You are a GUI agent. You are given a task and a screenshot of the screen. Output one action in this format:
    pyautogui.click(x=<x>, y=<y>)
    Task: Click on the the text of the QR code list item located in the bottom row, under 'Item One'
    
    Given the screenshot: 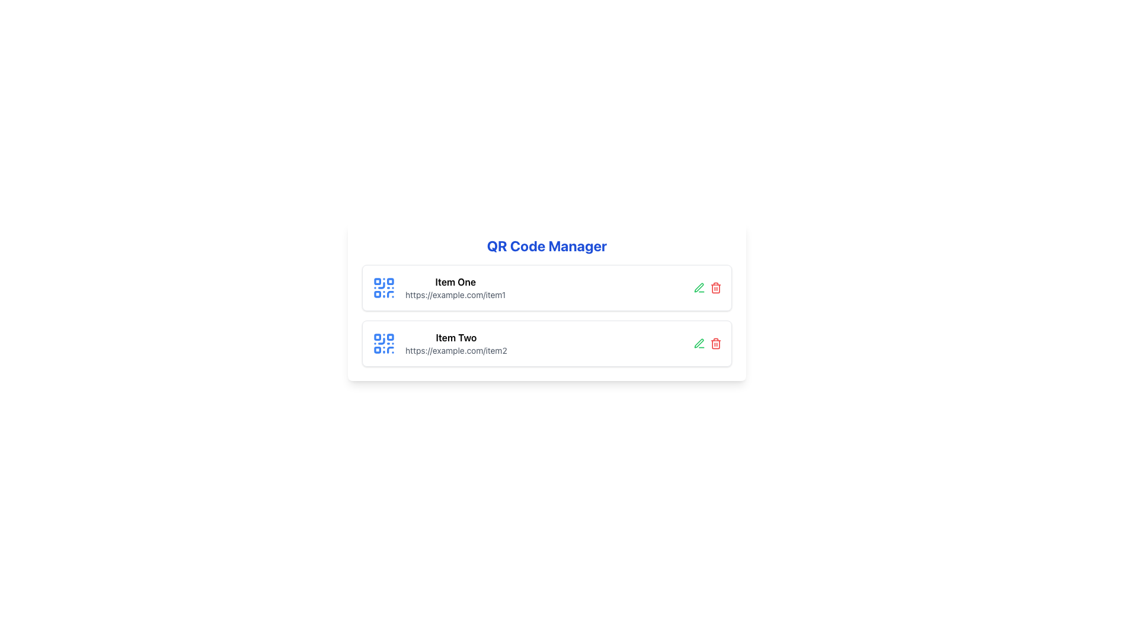 What is the action you would take?
    pyautogui.click(x=439, y=343)
    